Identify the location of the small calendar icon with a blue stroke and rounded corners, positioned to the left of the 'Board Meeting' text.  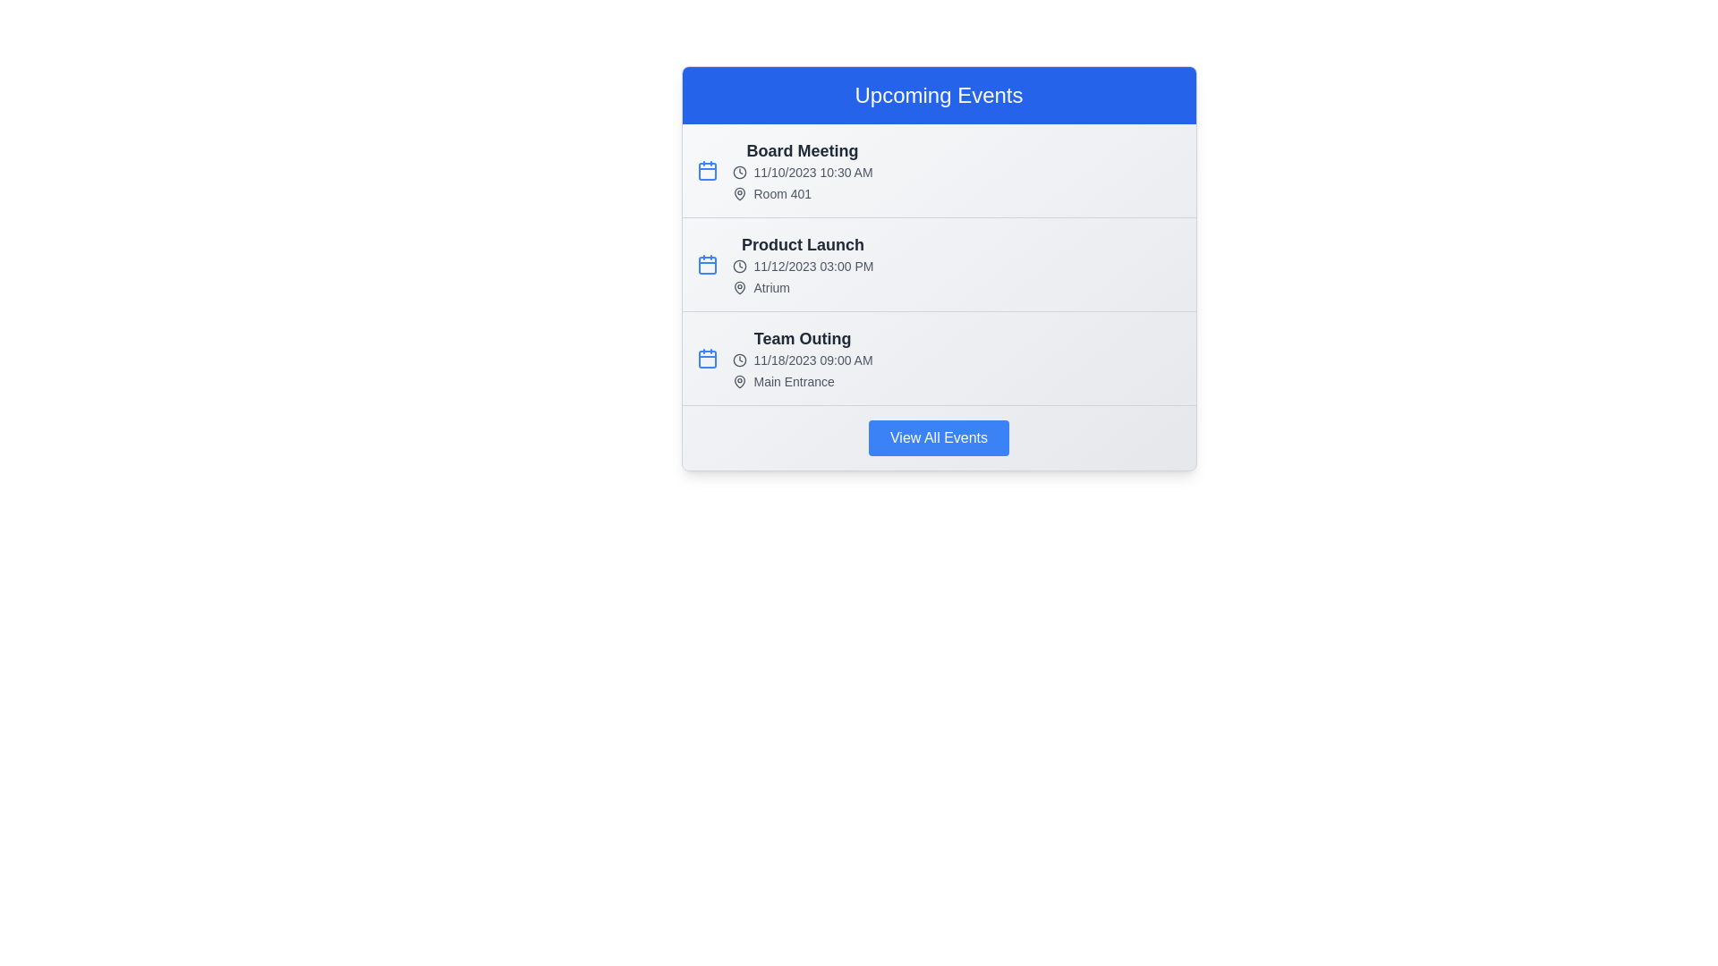
(706, 171).